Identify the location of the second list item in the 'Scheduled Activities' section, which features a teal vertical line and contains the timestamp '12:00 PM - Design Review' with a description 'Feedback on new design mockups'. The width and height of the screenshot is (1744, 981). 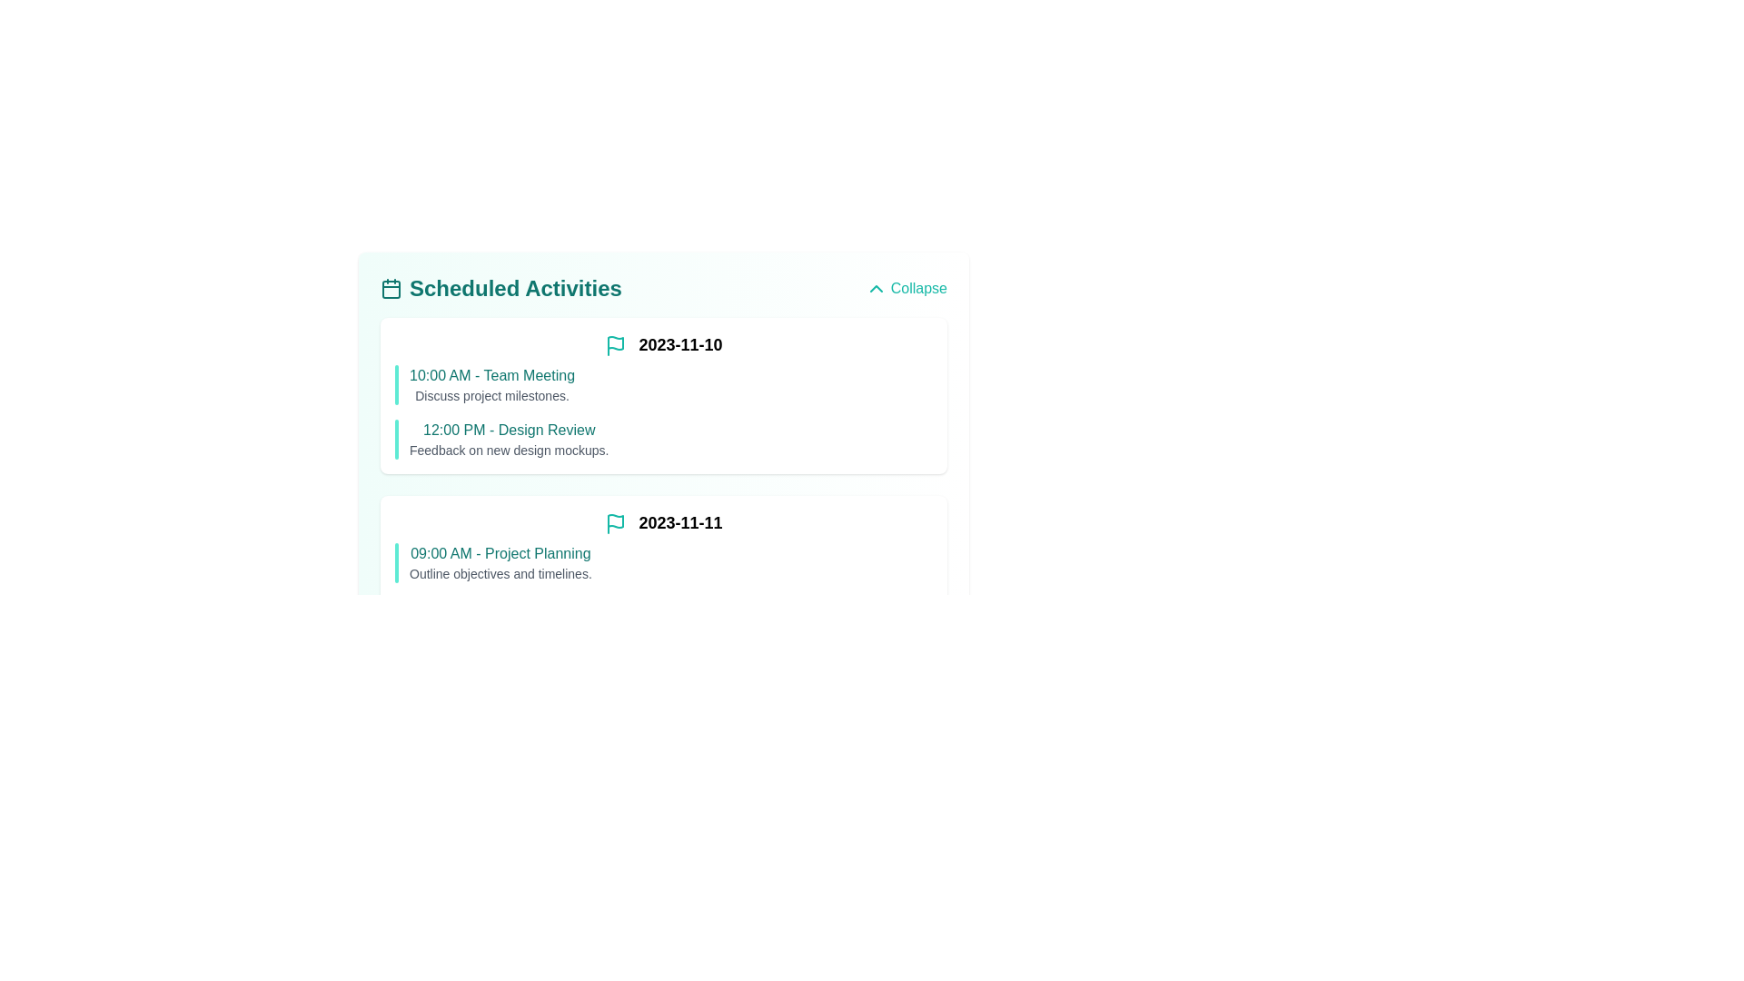
(662, 439).